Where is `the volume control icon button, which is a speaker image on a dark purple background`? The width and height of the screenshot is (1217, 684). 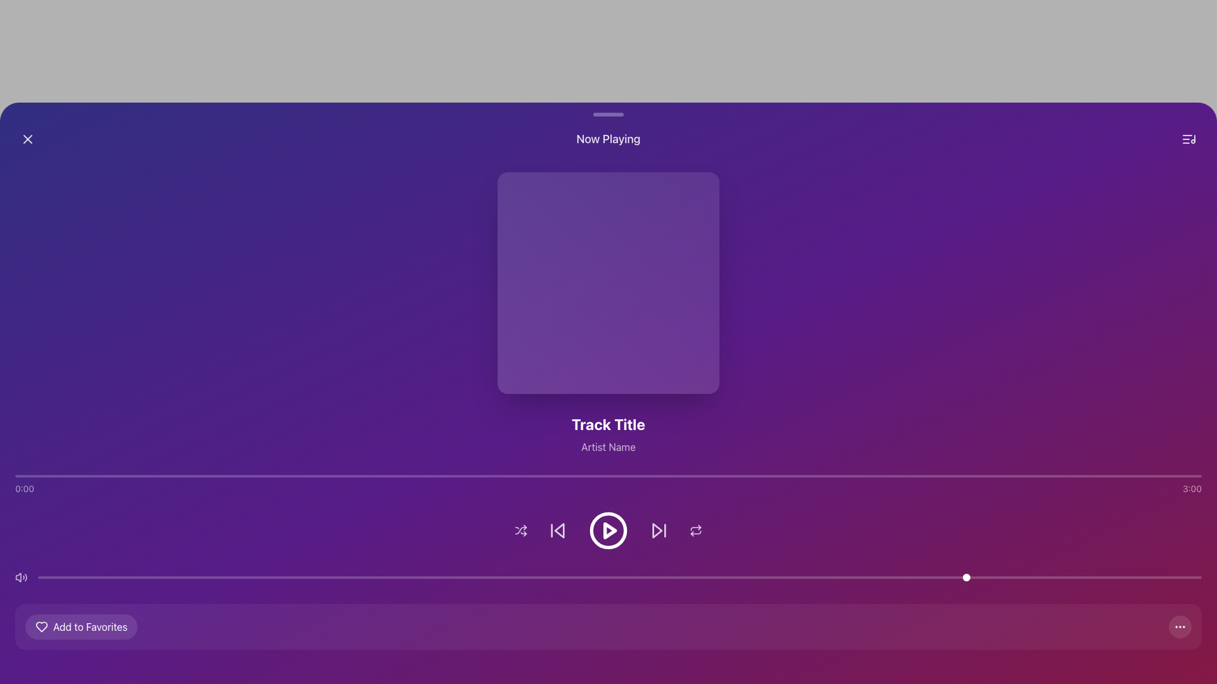 the volume control icon button, which is a speaker image on a dark purple background is located at coordinates (21, 577).